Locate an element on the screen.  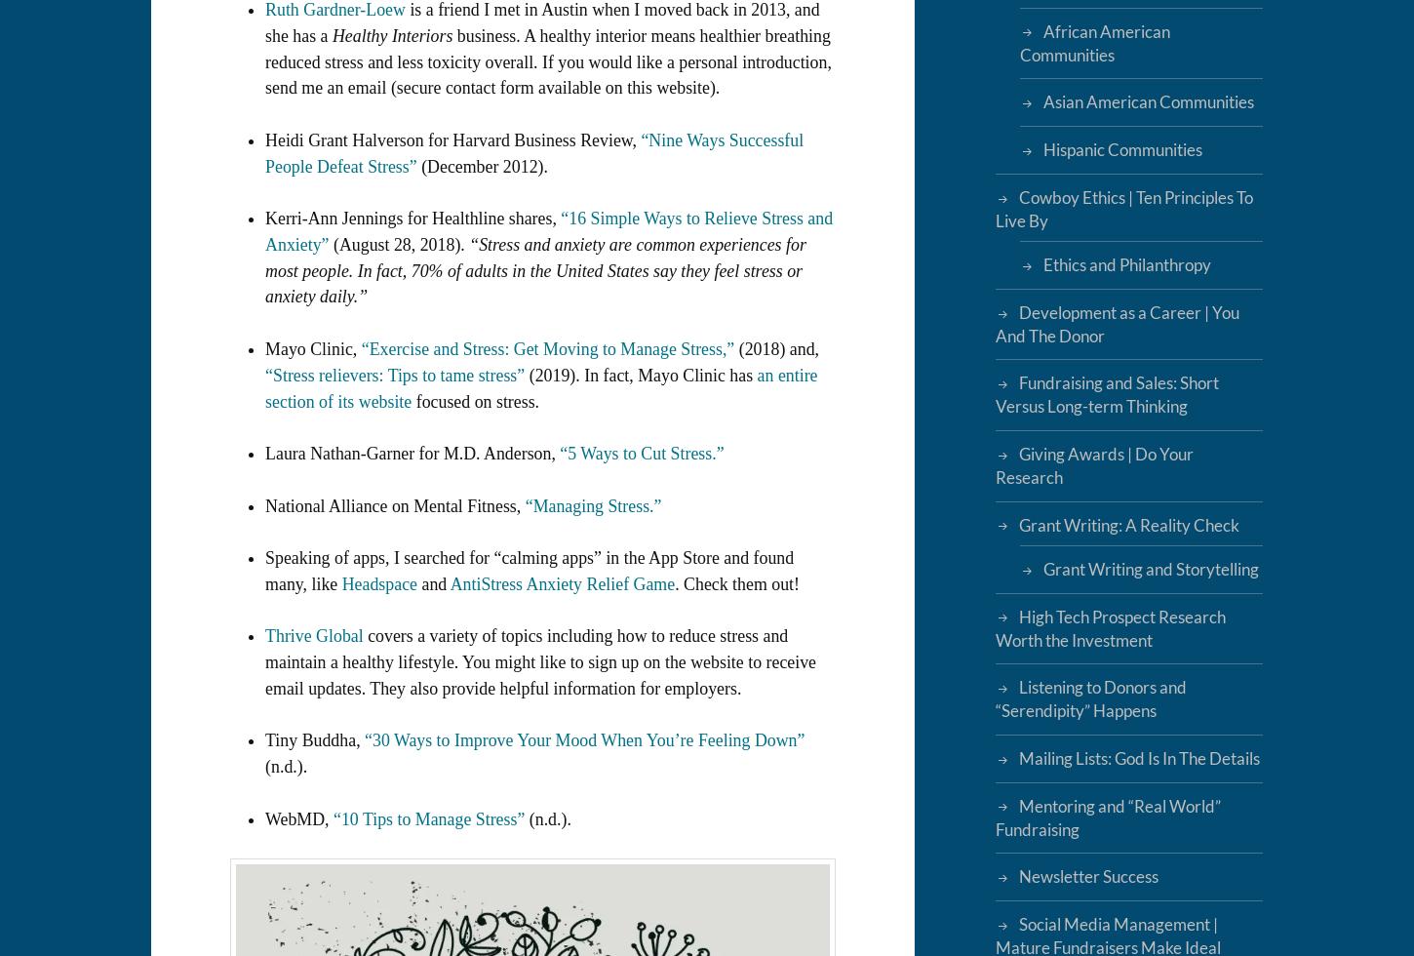
'“10 Tips to Manage Stress”' is located at coordinates (334, 817).